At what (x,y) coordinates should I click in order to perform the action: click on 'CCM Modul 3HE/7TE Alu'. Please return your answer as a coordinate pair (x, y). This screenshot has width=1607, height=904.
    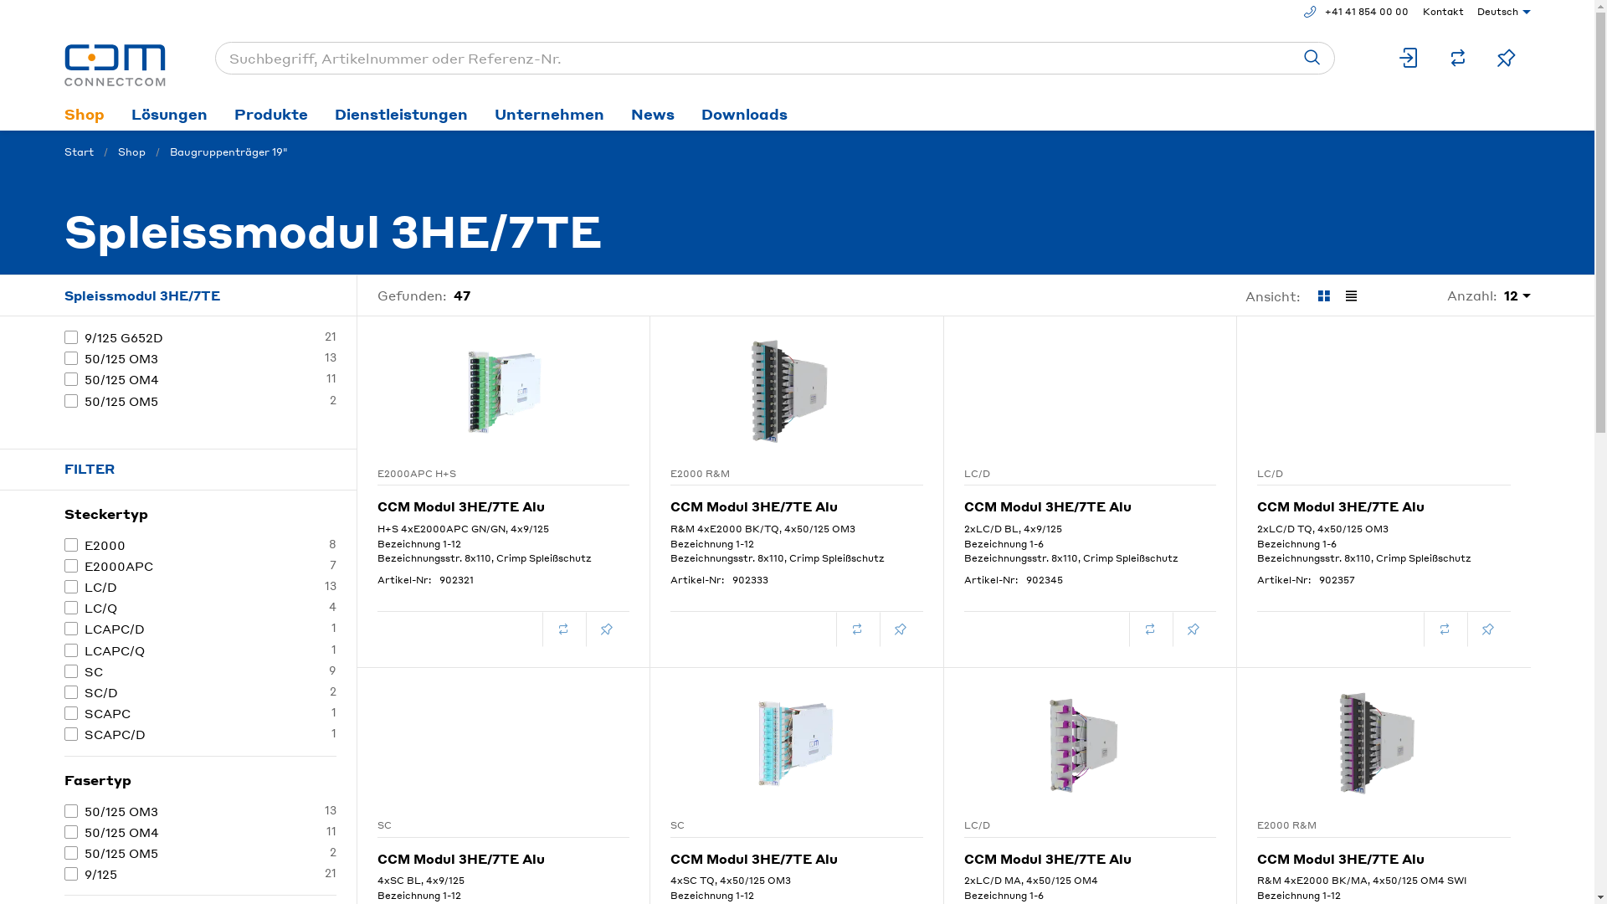
    Looking at the image, I should click on (501, 499).